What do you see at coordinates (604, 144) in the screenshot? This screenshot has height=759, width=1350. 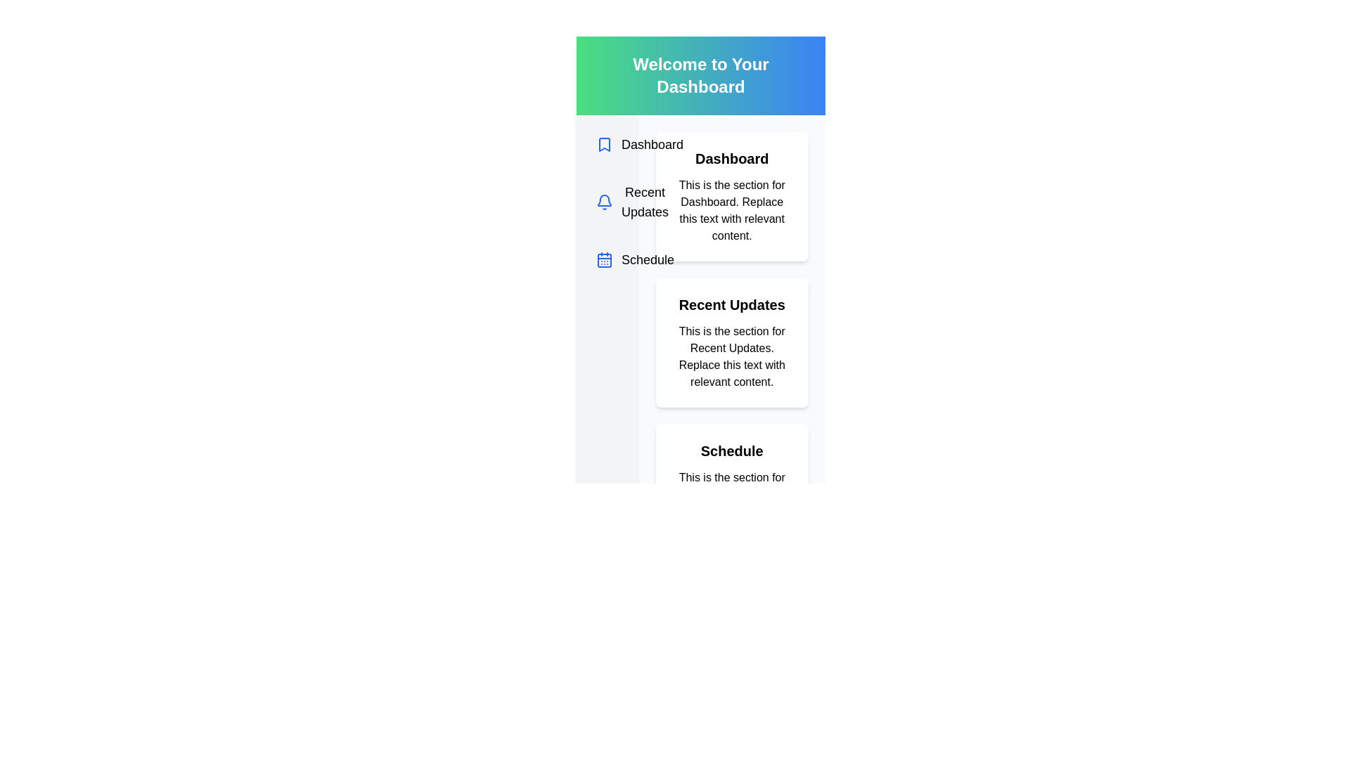 I see `the small bookmark-like blue icon located to the left of the 'Dashboard' label in the vertical menu list` at bounding box center [604, 144].